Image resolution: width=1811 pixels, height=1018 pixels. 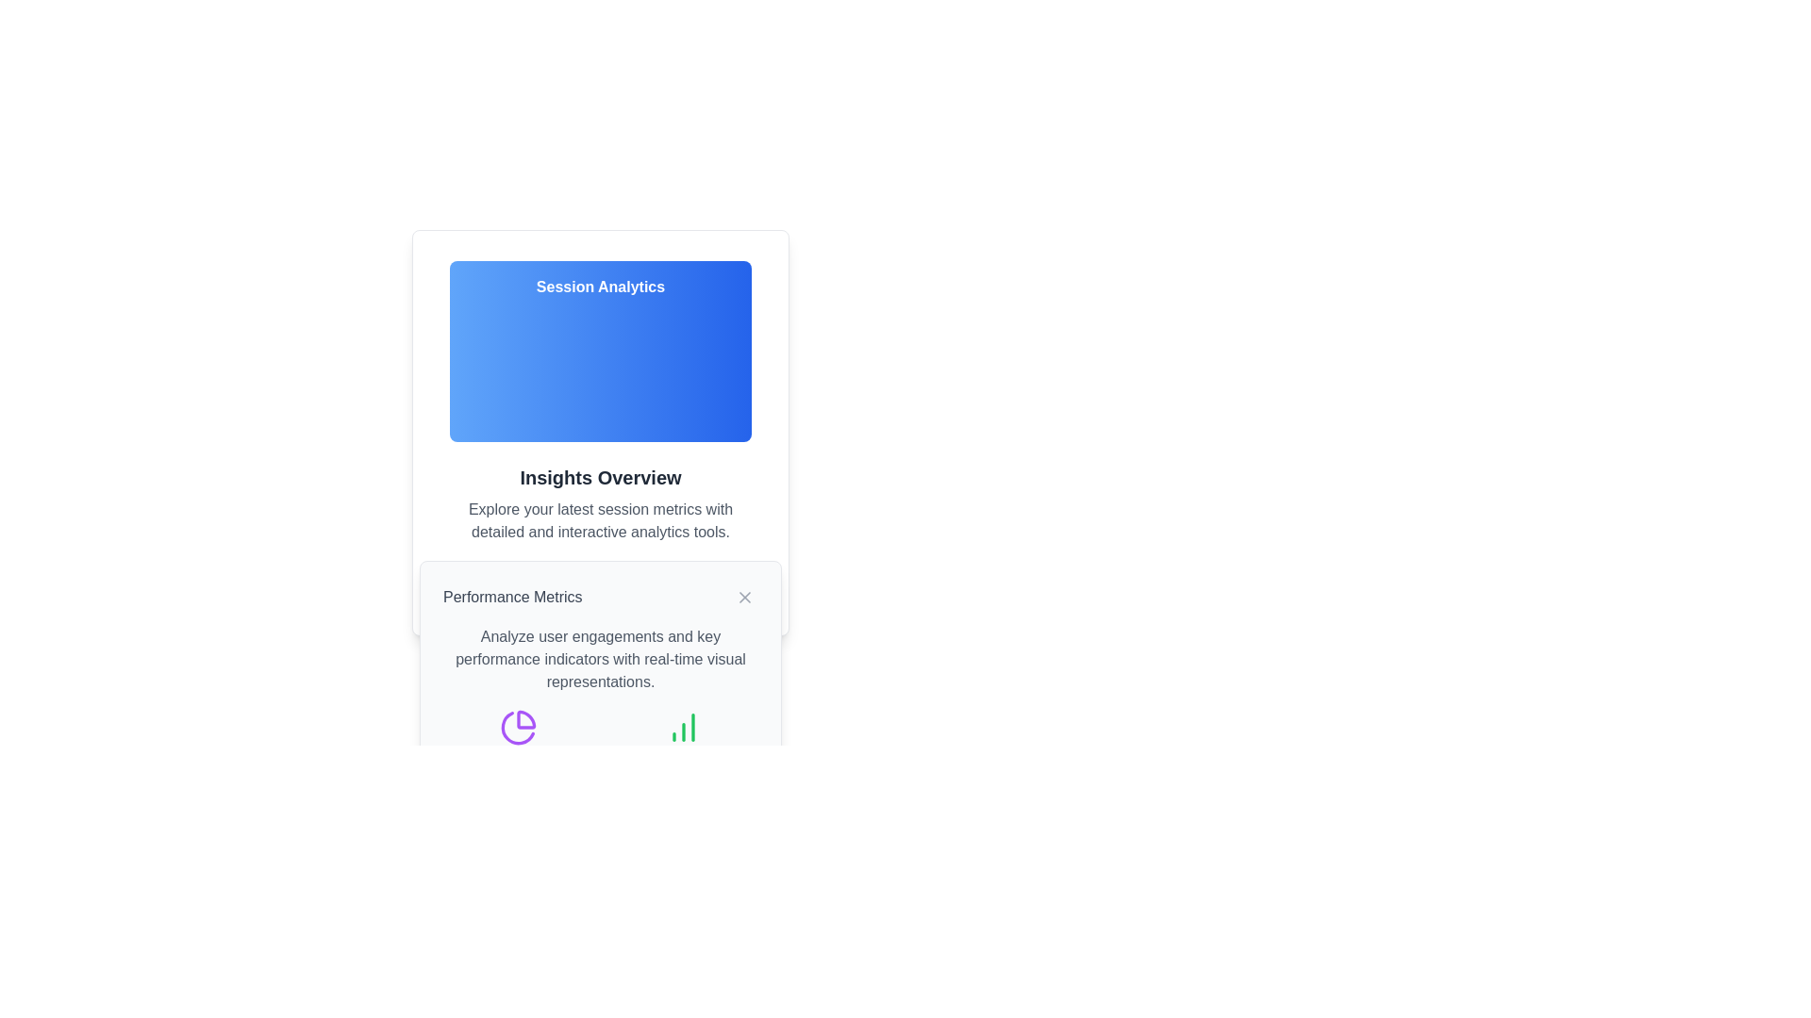 What do you see at coordinates (518, 740) in the screenshot?
I see `the icon representing user distribution data` at bounding box center [518, 740].